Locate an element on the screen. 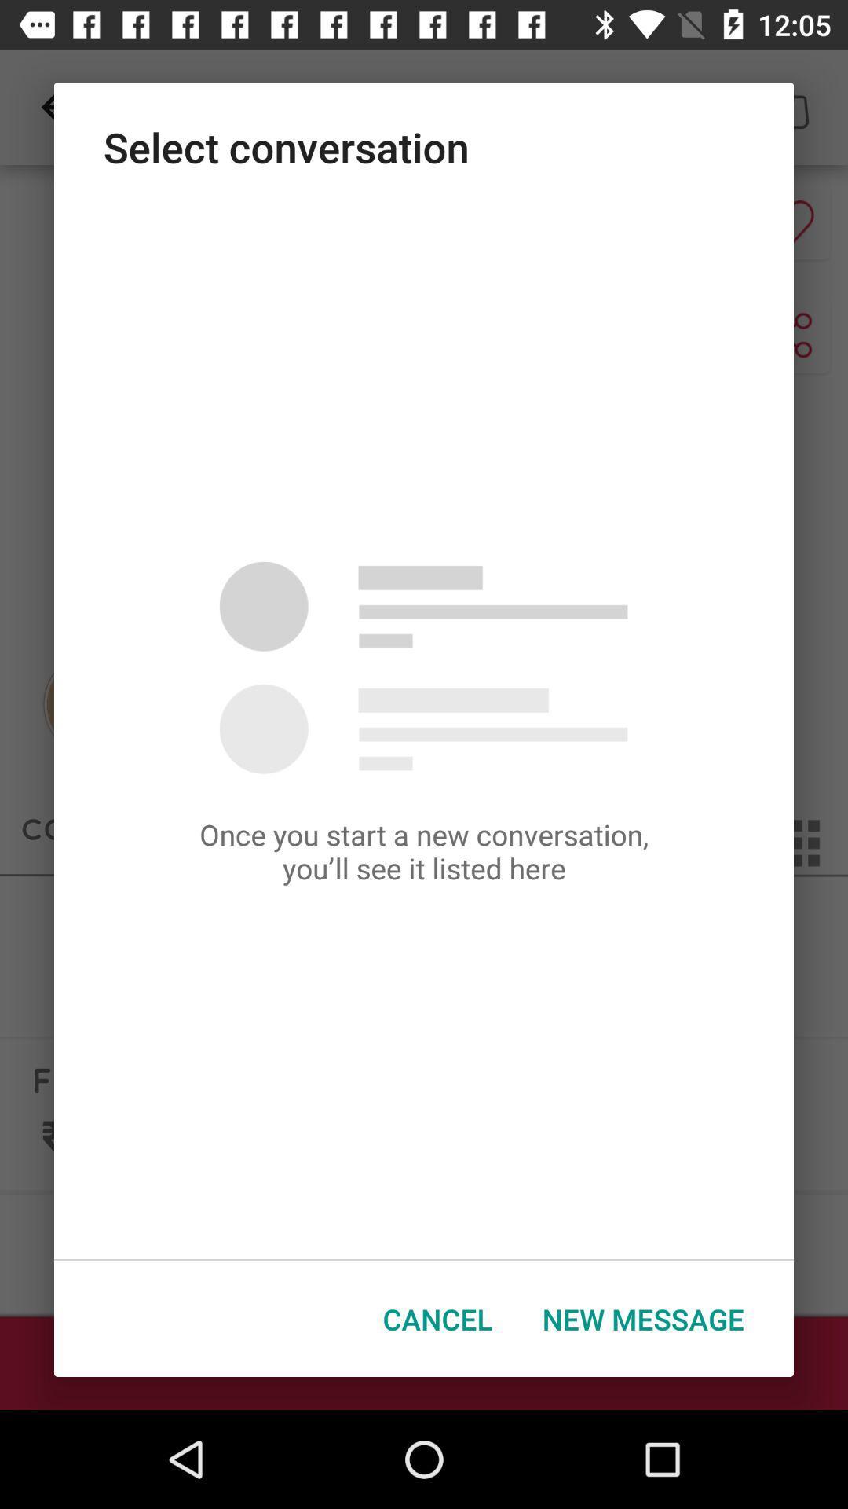 The image size is (848, 1509). the item next to the cancel is located at coordinates (643, 1319).